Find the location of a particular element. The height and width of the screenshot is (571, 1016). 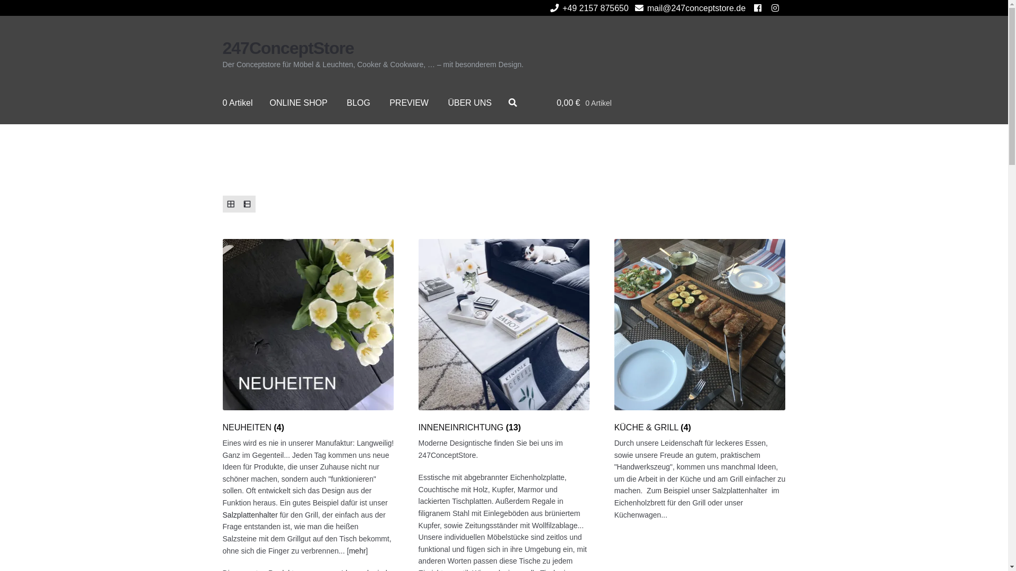

'247ConceptStore' is located at coordinates (222, 48).